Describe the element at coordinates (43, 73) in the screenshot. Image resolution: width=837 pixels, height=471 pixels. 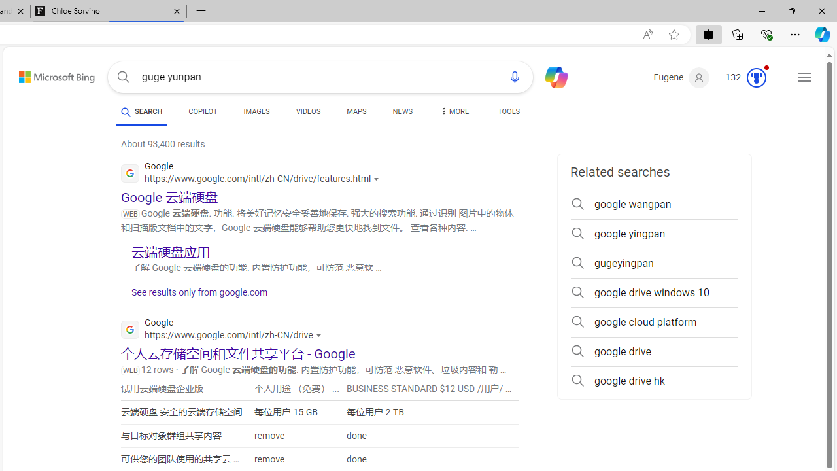
I see `'Skip to content'` at that location.